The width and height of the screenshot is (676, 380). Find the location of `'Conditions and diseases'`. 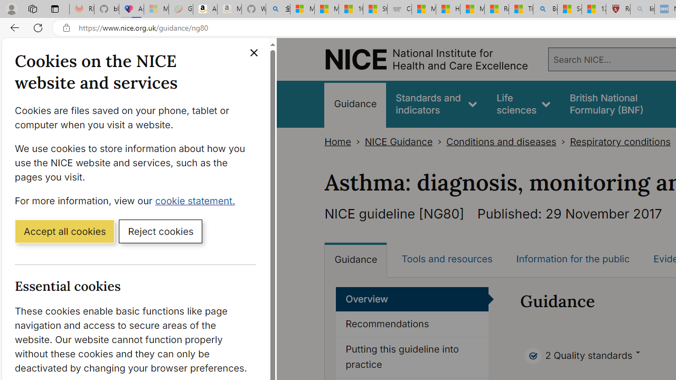

'Conditions and diseases' is located at coordinates (501, 141).